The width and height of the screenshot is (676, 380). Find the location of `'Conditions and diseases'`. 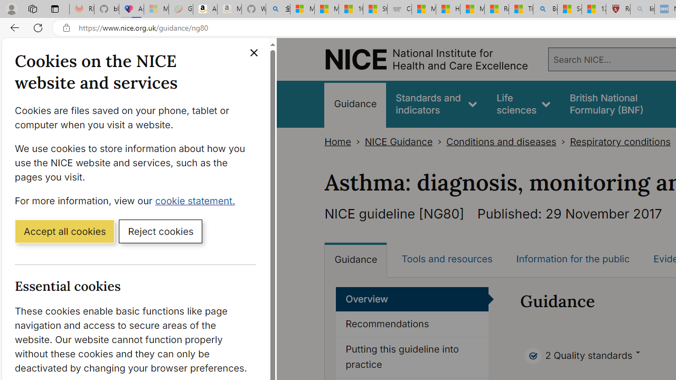

'Conditions and diseases' is located at coordinates (501, 141).